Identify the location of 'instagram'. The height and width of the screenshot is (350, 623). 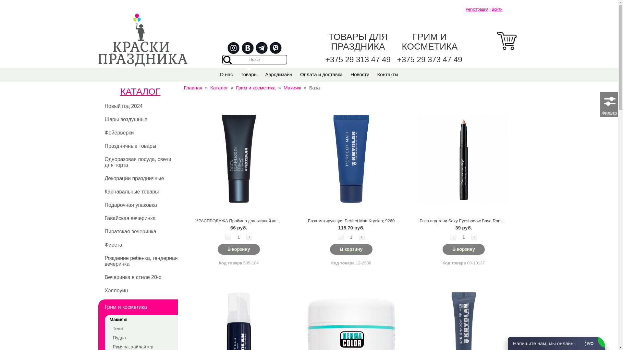
(234, 48).